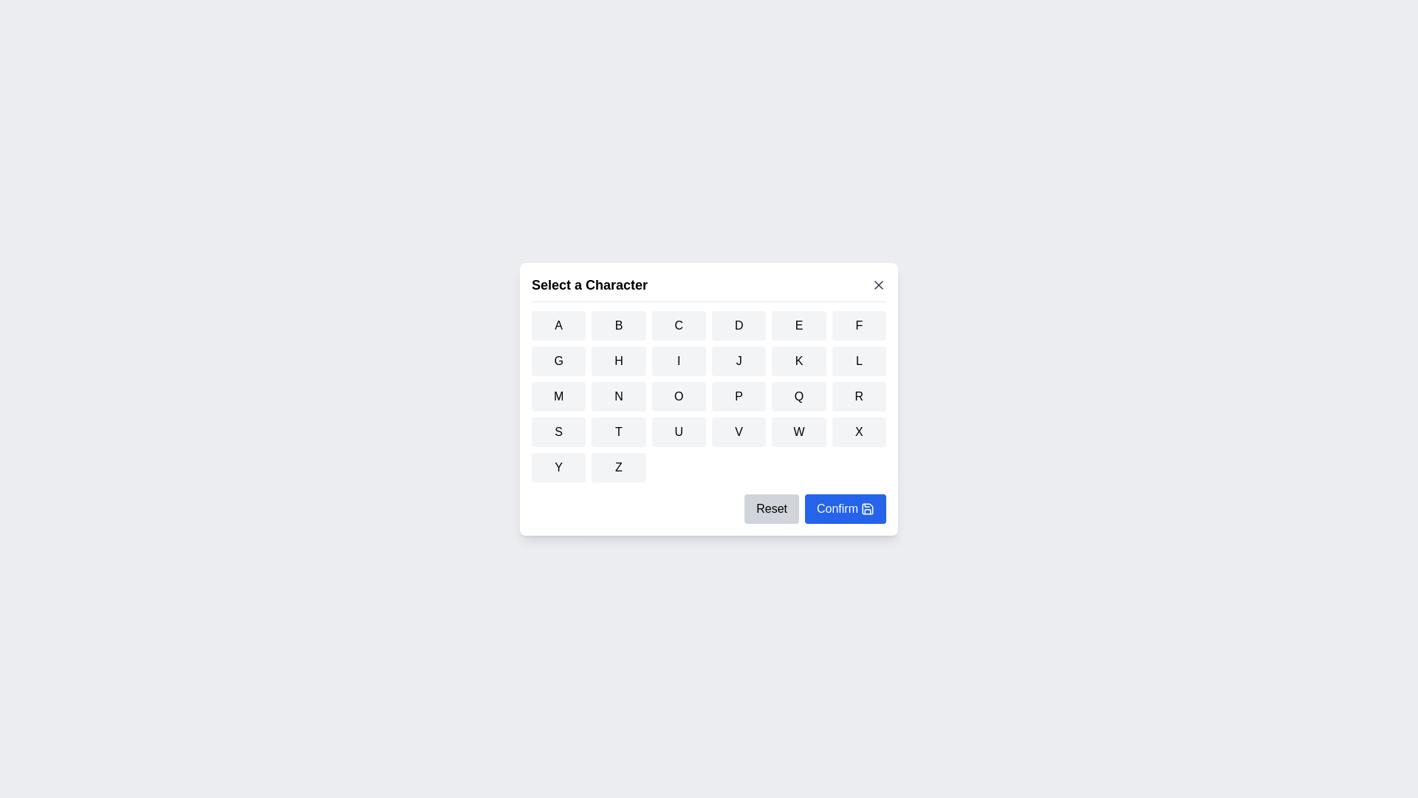 The height and width of the screenshot is (798, 1418). Describe the element at coordinates (557, 467) in the screenshot. I see `the button corresponding to the character Y to select it` at that location.